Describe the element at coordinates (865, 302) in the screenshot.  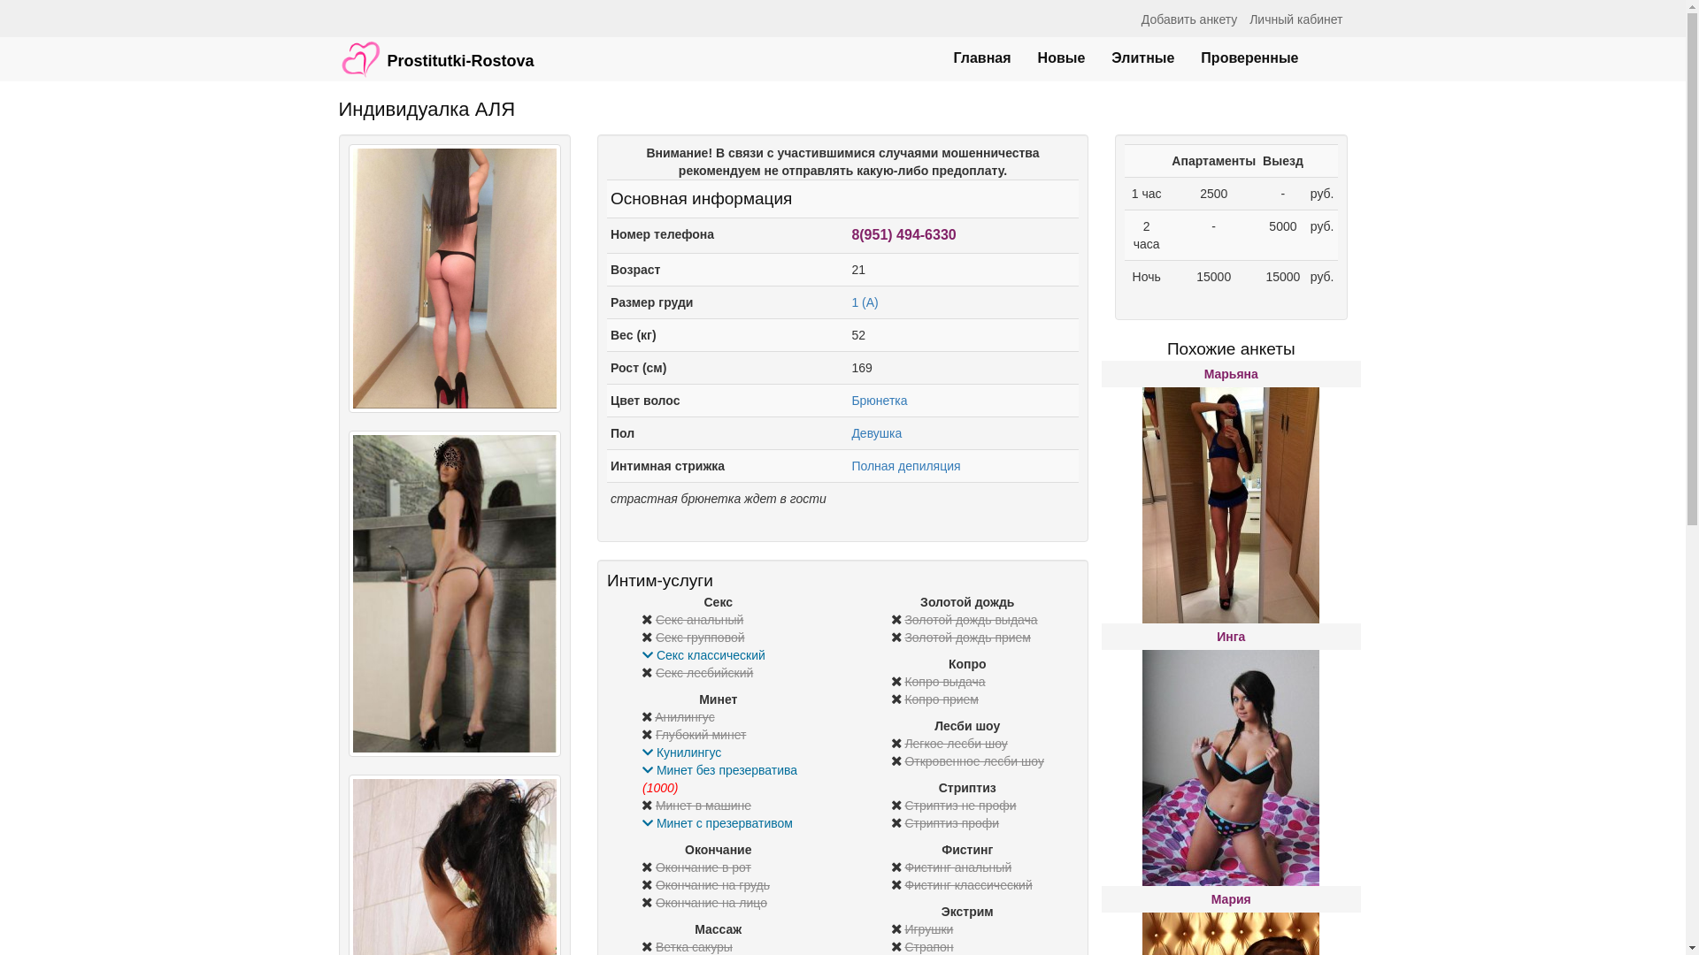
I see `'1 (A)'` at that location.